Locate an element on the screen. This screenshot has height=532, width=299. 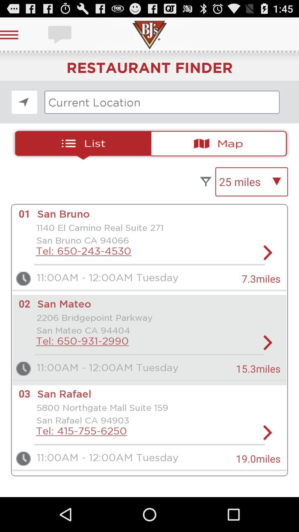
the navigation icon is located at coordinates (24, 109).